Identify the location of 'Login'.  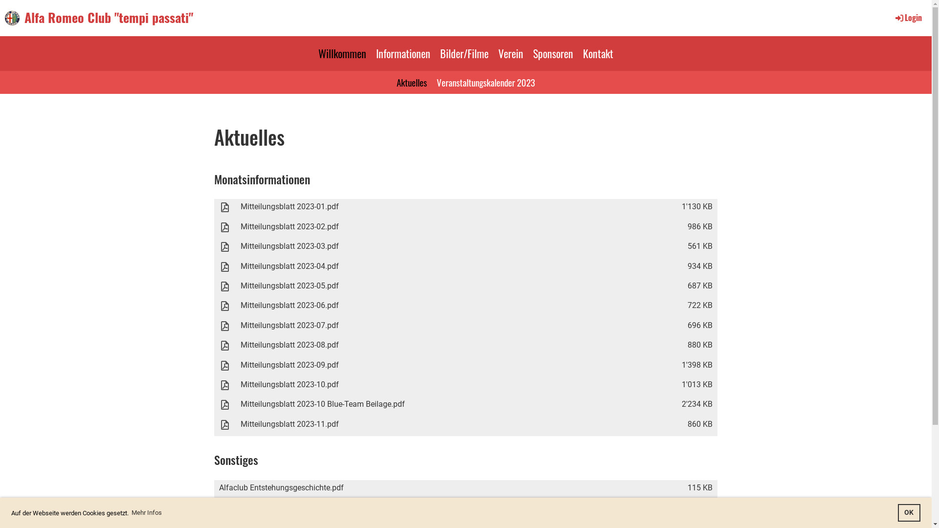
(907, 17).